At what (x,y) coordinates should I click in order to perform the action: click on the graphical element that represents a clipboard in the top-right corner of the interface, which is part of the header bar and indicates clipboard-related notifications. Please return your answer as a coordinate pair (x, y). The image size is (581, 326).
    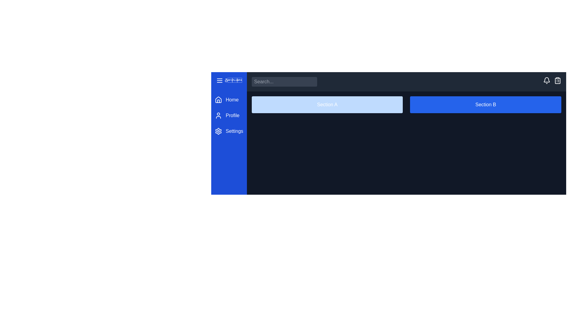
    Looking at the image, I should click on (557, 80).